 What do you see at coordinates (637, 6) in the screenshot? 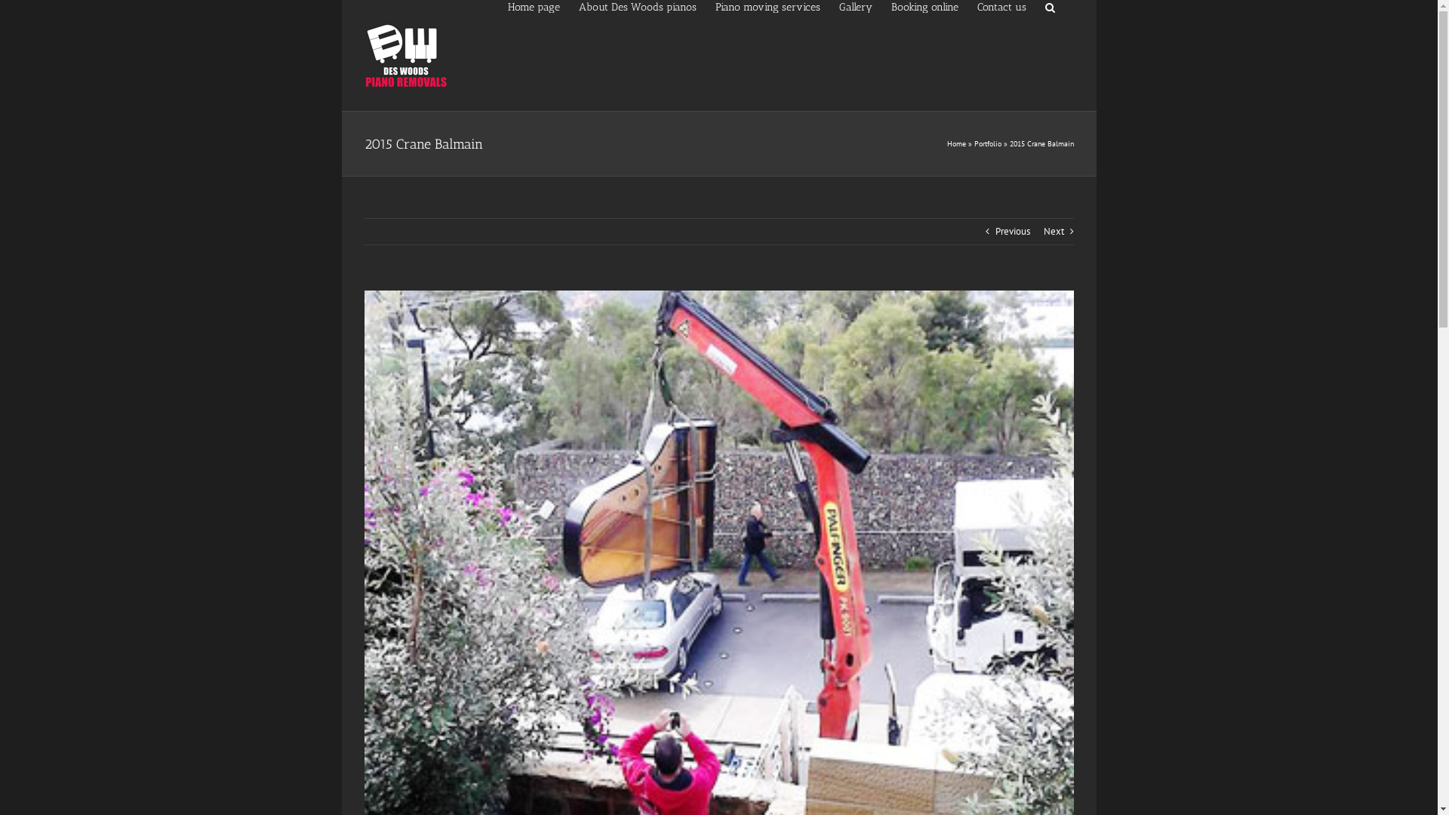
I see `'About Des Woods pianos'` at bounding box center [637, 6].